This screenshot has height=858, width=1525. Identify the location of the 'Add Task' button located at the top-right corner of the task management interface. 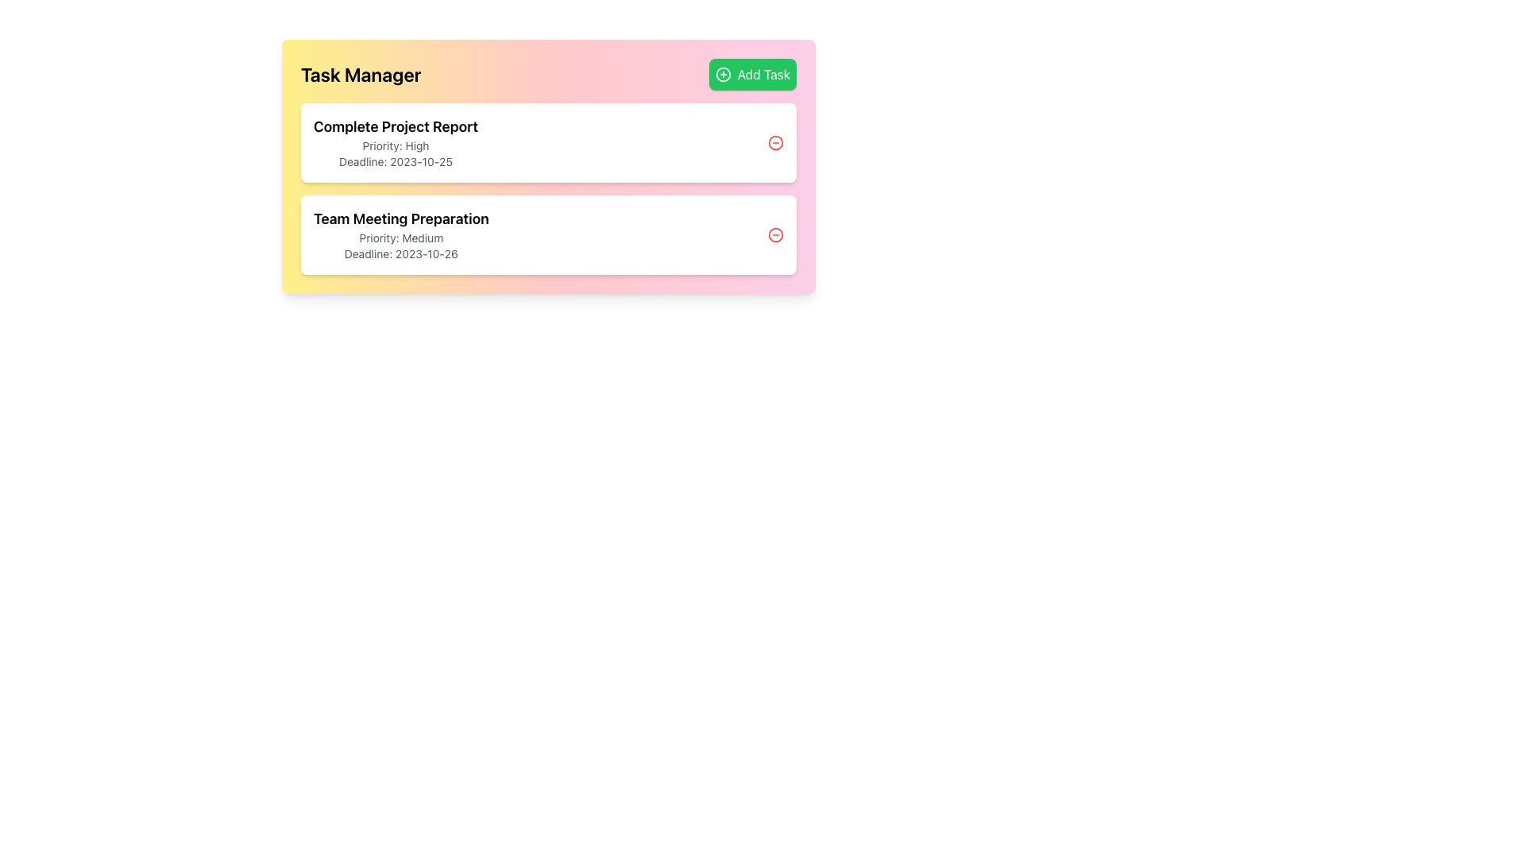
(751, 74).